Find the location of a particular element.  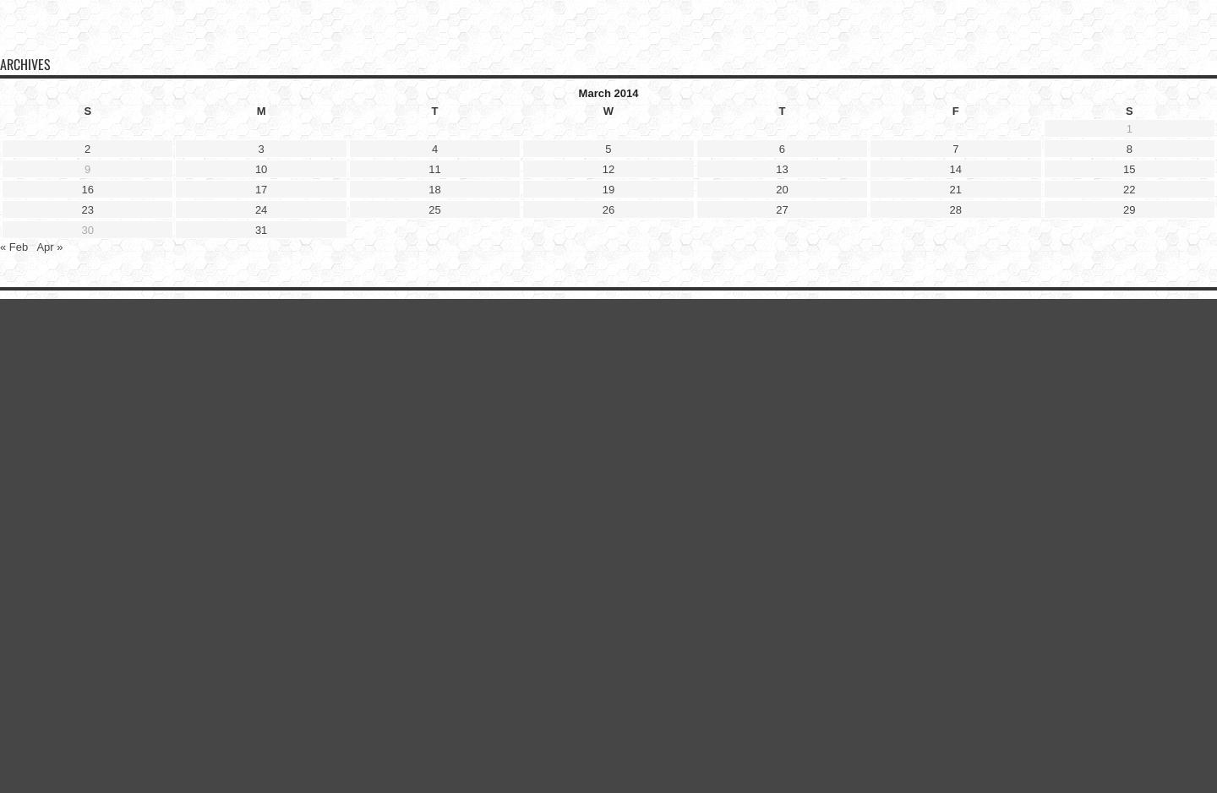

'1' is located at coordinates (1127, 128).